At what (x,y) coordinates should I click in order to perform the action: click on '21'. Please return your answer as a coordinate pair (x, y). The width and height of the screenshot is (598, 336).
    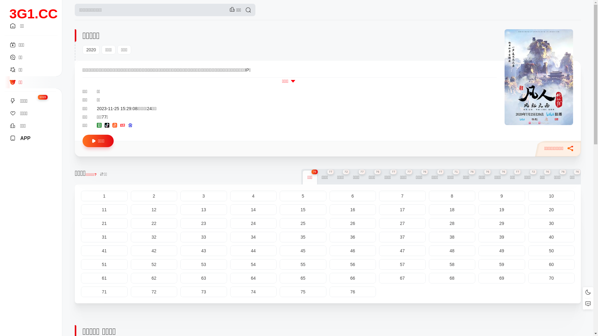
    Looking at the image, I should click on (80, 223).